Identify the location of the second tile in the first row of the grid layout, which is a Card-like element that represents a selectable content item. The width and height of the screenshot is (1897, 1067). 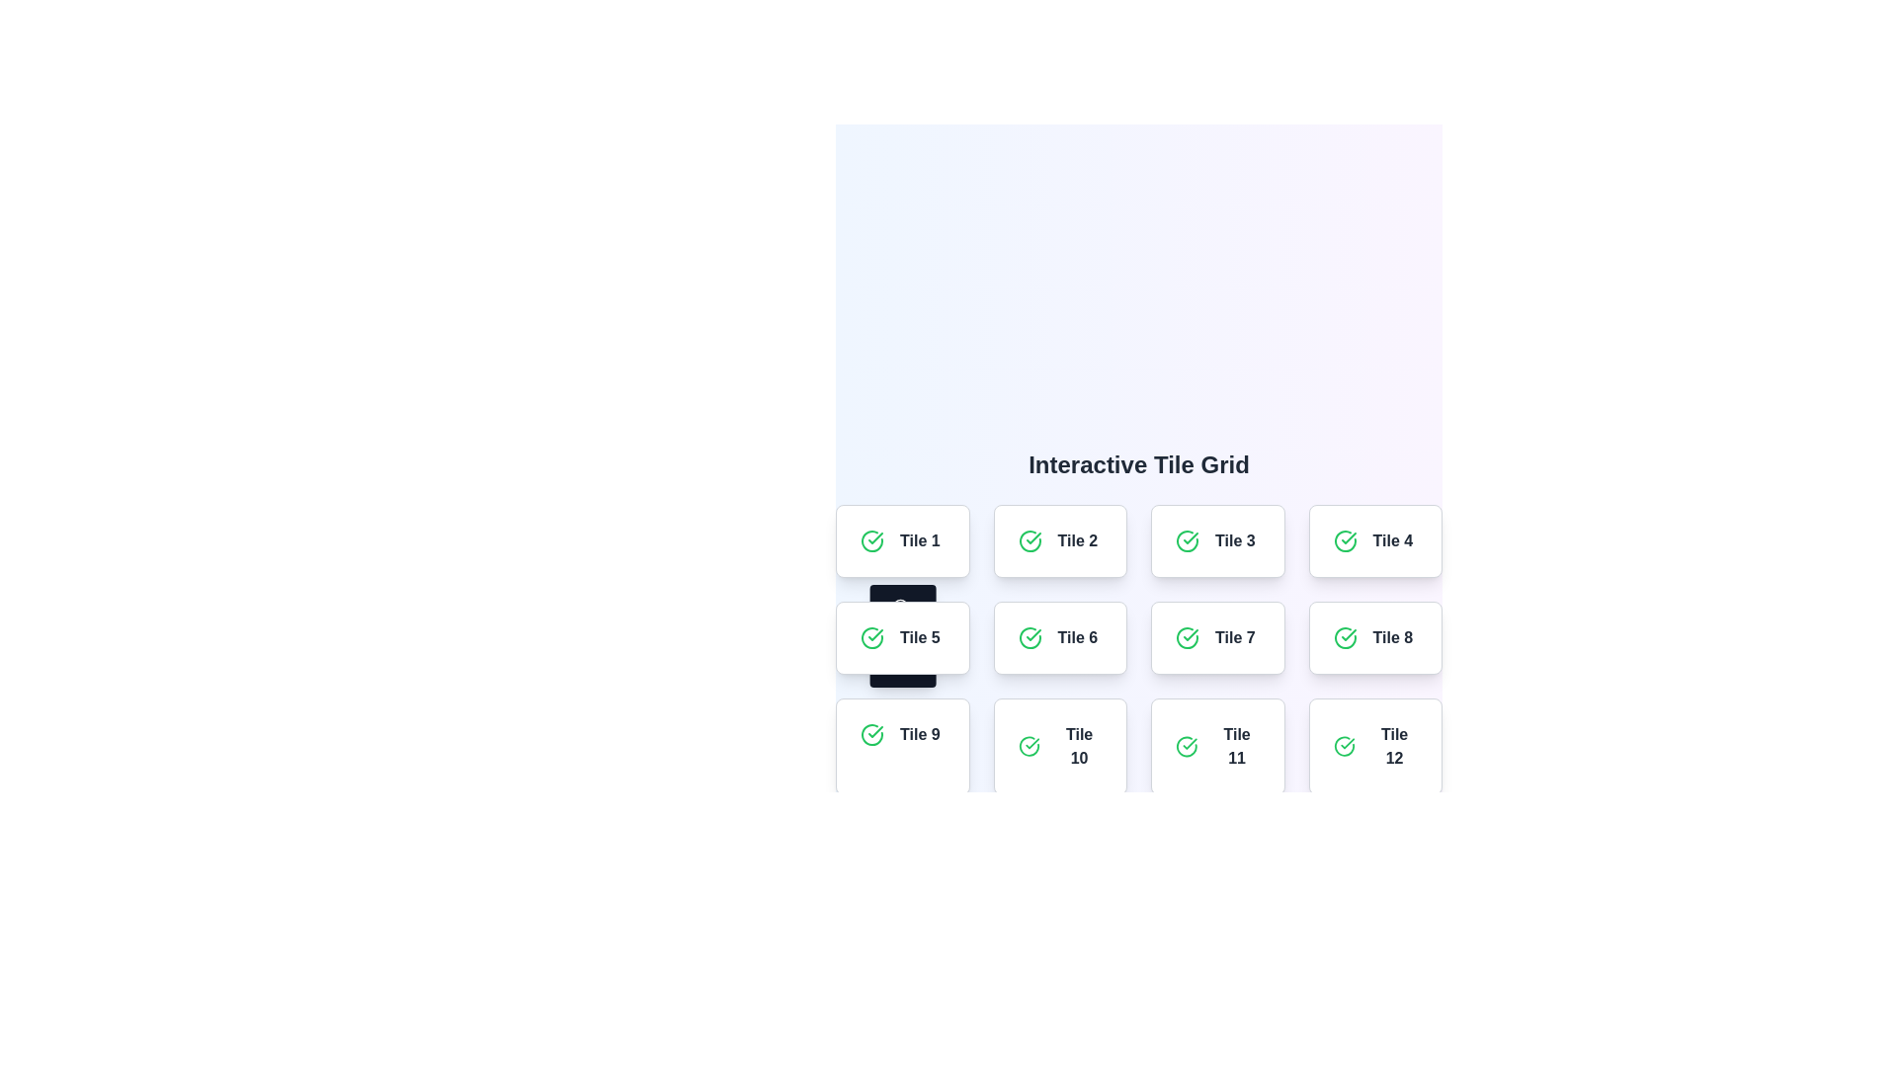
(1059, 540).